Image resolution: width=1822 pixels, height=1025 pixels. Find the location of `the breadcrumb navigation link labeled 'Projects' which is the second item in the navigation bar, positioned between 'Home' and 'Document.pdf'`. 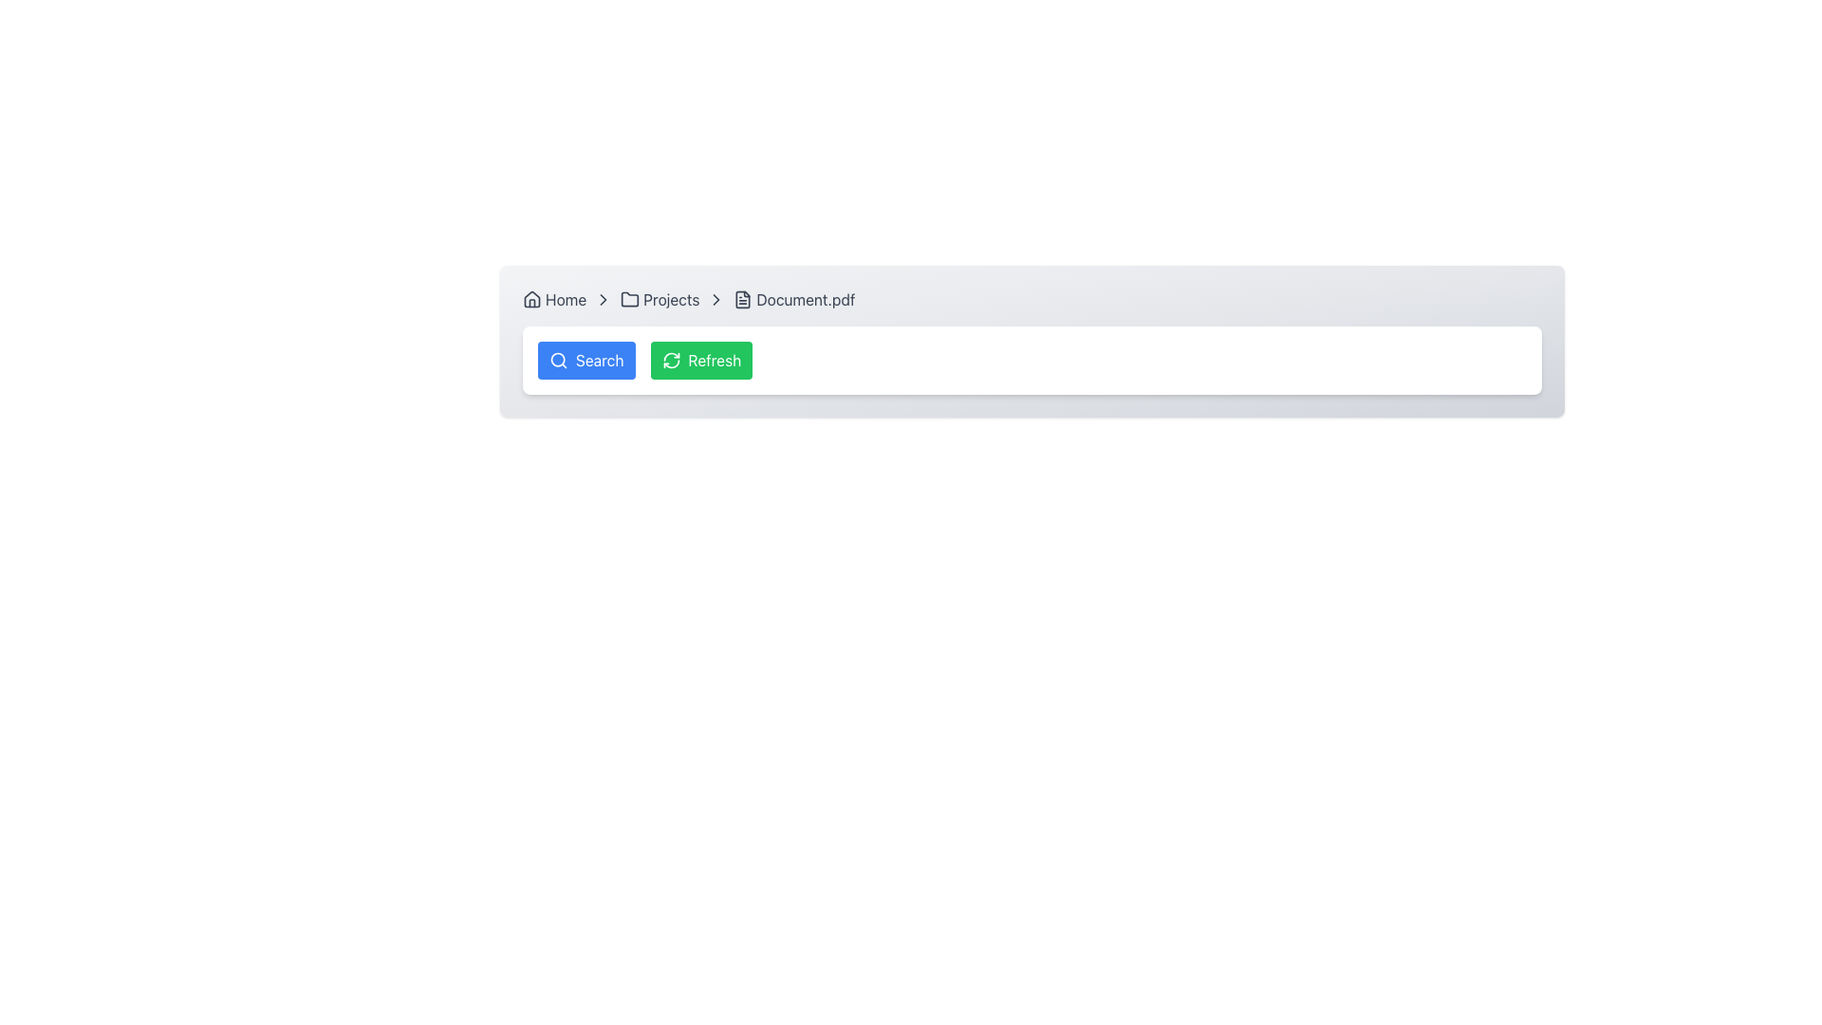

the breadcrumb navigation link labeled 'Projects' which is the second item in the navigation bar, positioned between 'Home' and 'Document.pdf' is located at coordinates (660, 299).